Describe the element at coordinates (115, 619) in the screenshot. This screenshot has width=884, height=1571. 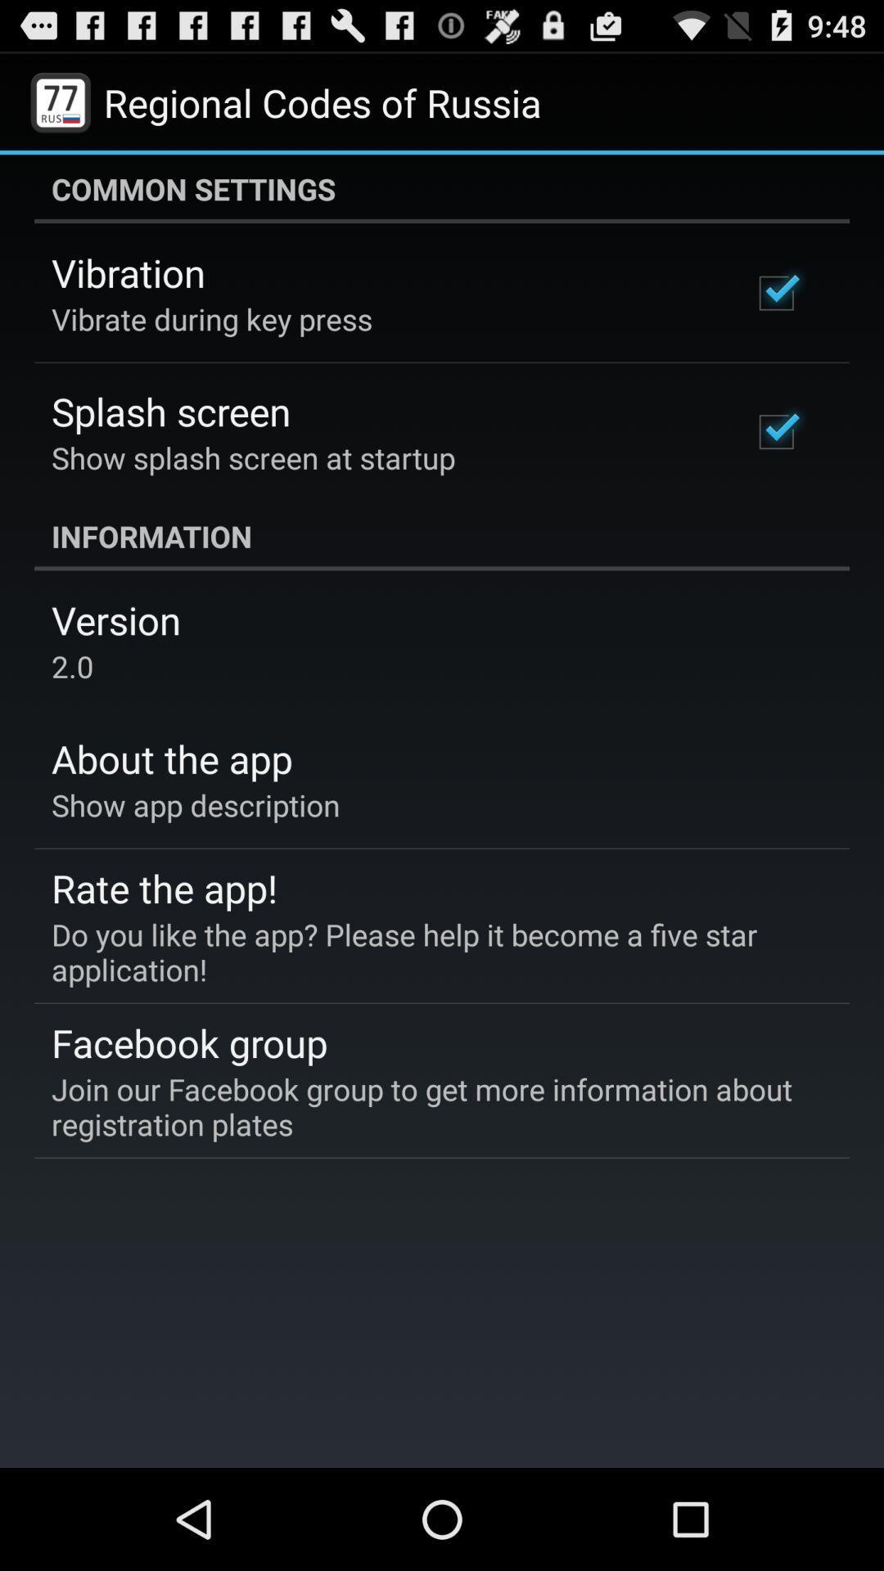
I see `version` at that location.